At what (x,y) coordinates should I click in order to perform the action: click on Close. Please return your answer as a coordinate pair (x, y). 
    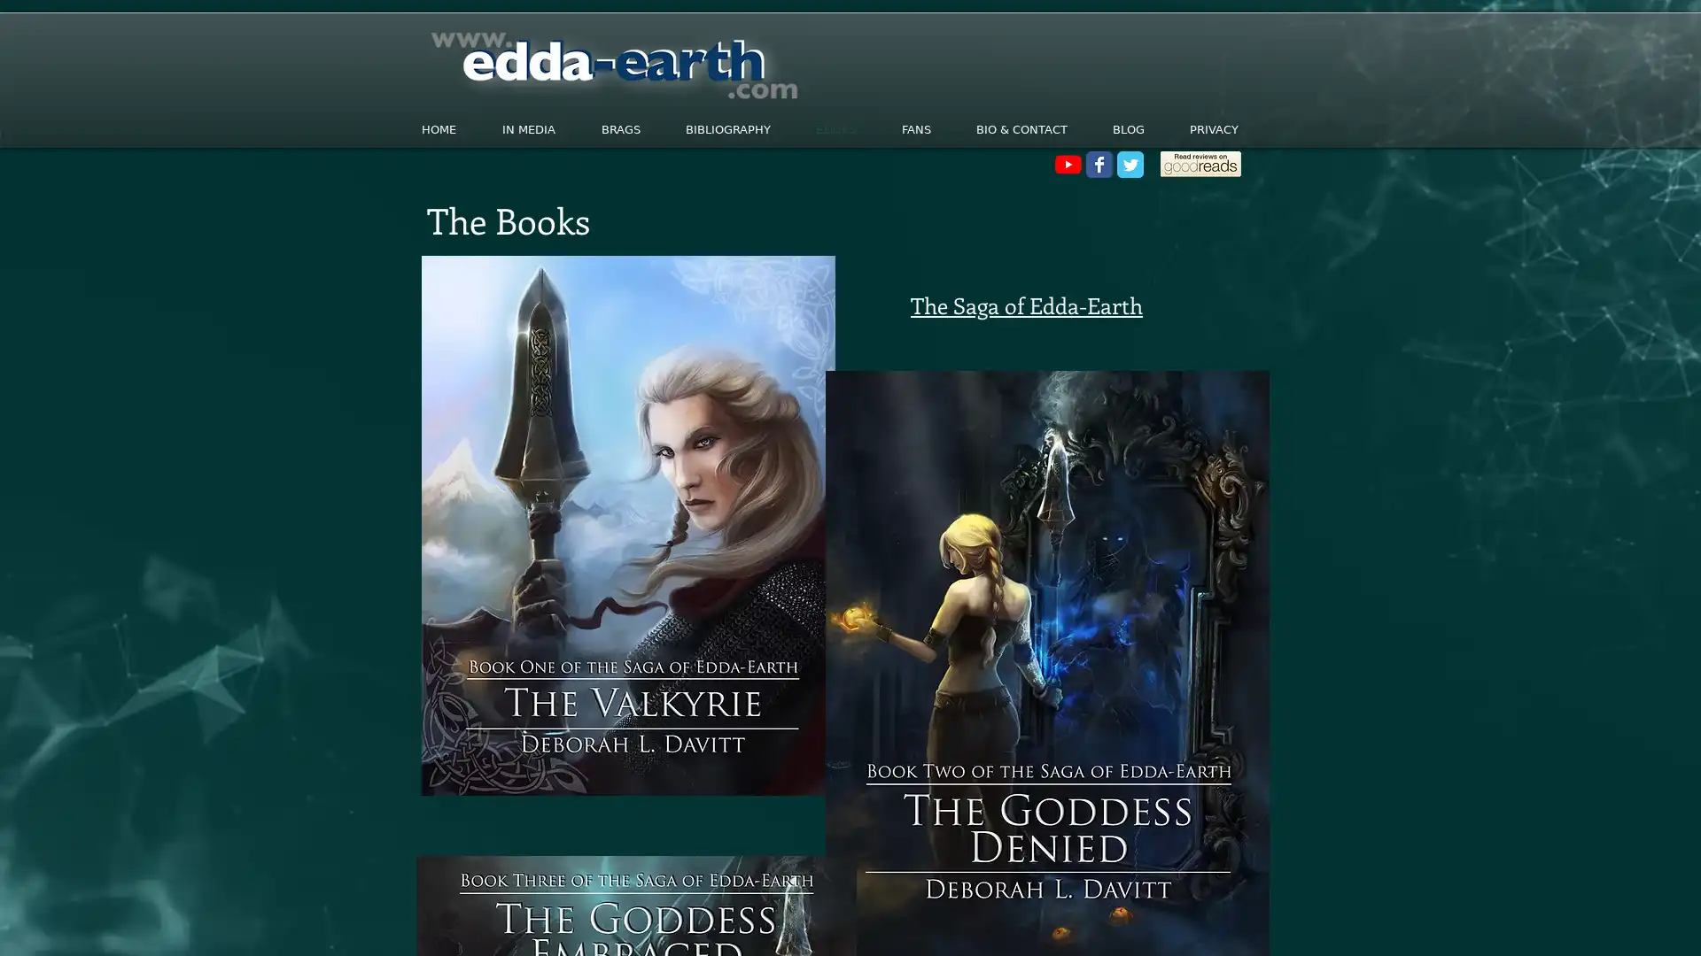
    Looking at the image, I should click on (1679, 924).